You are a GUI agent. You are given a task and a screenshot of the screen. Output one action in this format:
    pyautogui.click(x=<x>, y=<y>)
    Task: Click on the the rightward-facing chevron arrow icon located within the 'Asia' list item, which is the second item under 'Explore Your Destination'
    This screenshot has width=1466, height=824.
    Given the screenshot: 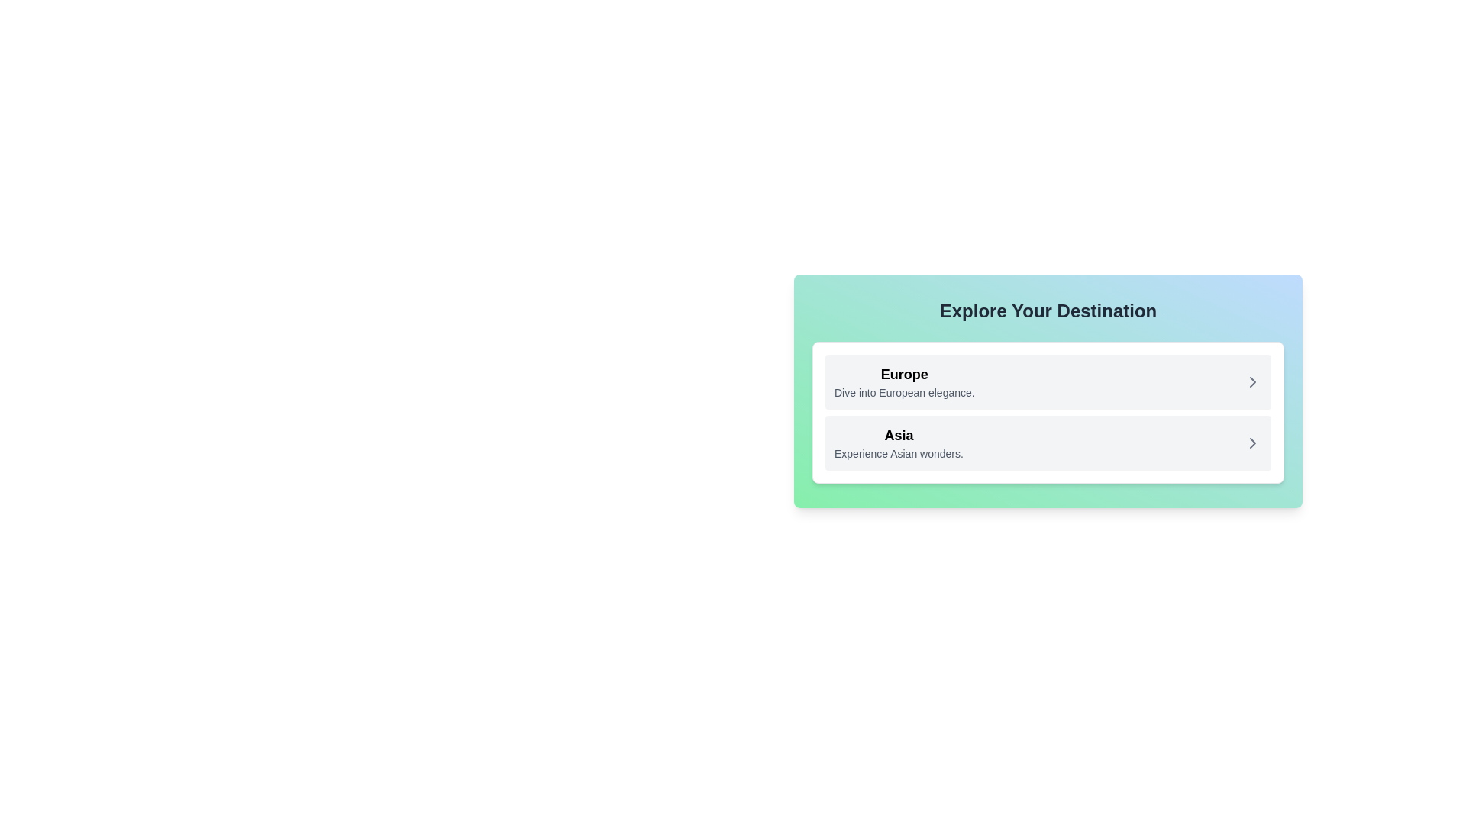 What is the action you would take?
    pyautogui.click(x=1253, y=443)
    